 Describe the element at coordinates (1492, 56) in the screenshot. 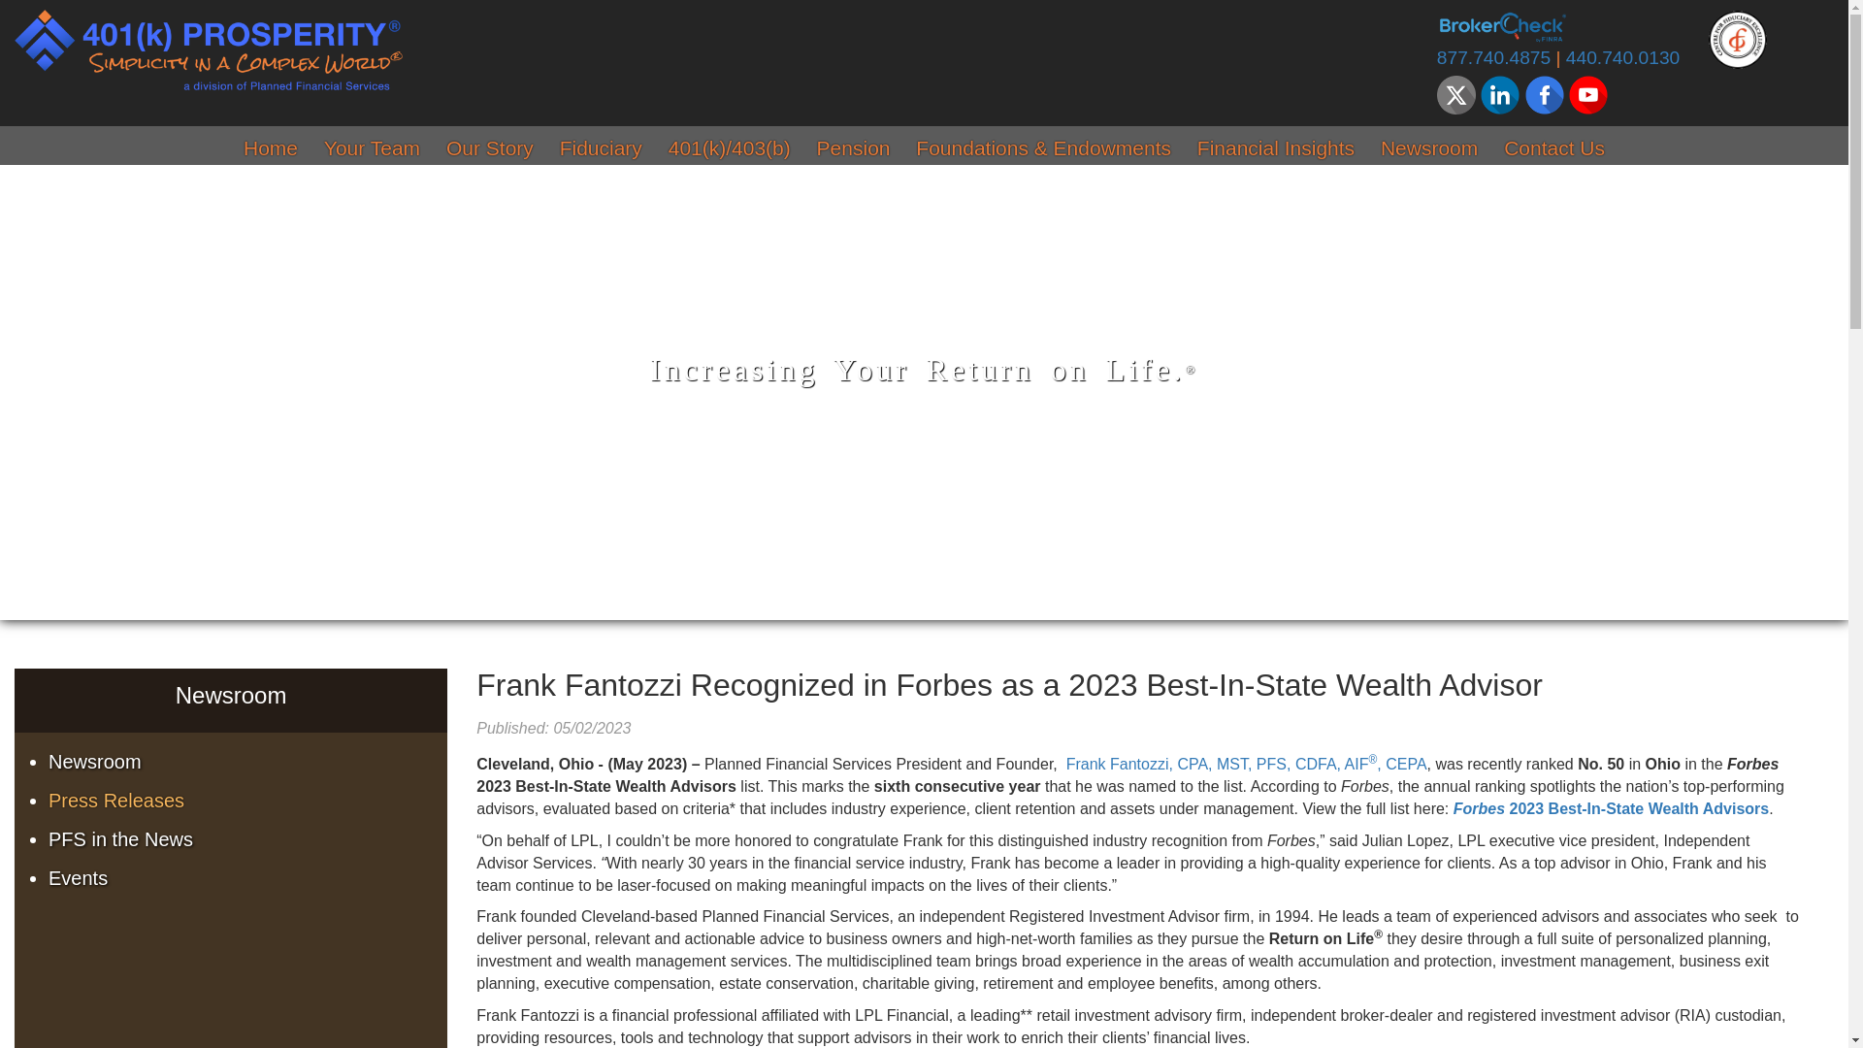

I see `'877.740.4875'` at that location.